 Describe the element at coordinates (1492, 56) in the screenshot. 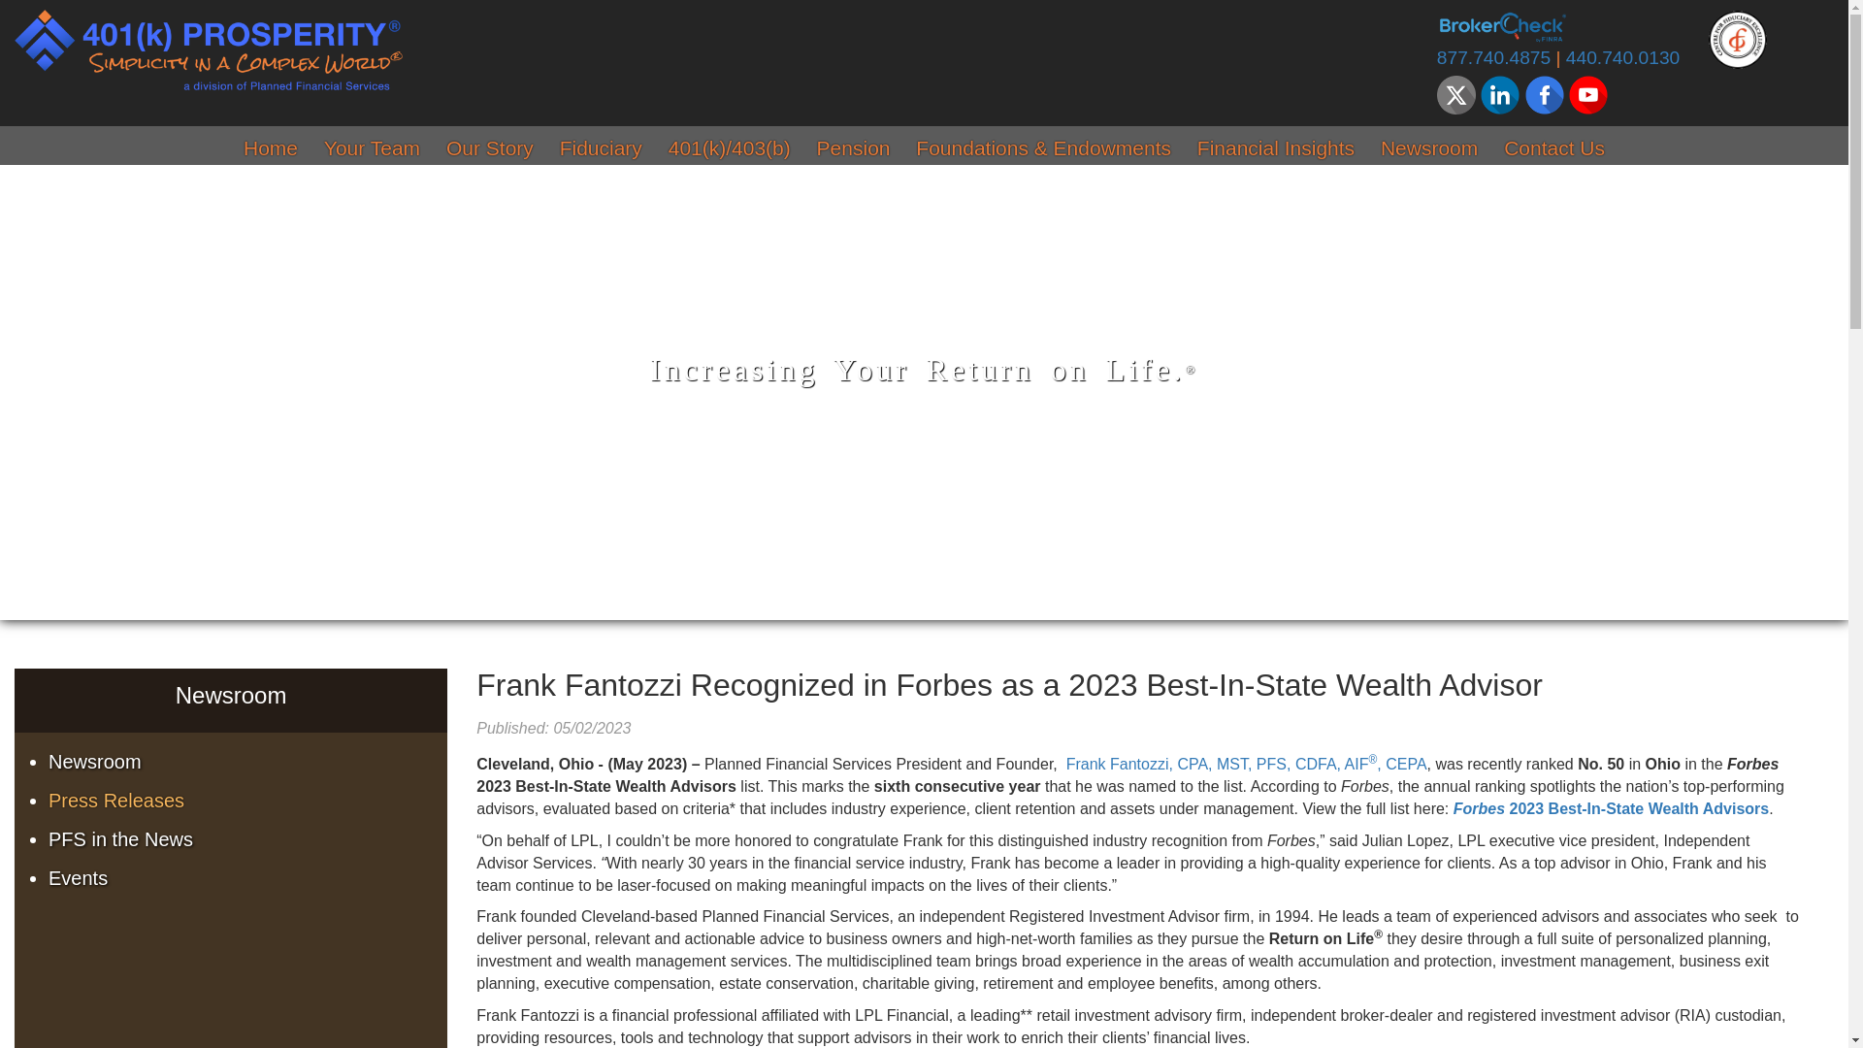

I see `'877.740.4875'` at that location.